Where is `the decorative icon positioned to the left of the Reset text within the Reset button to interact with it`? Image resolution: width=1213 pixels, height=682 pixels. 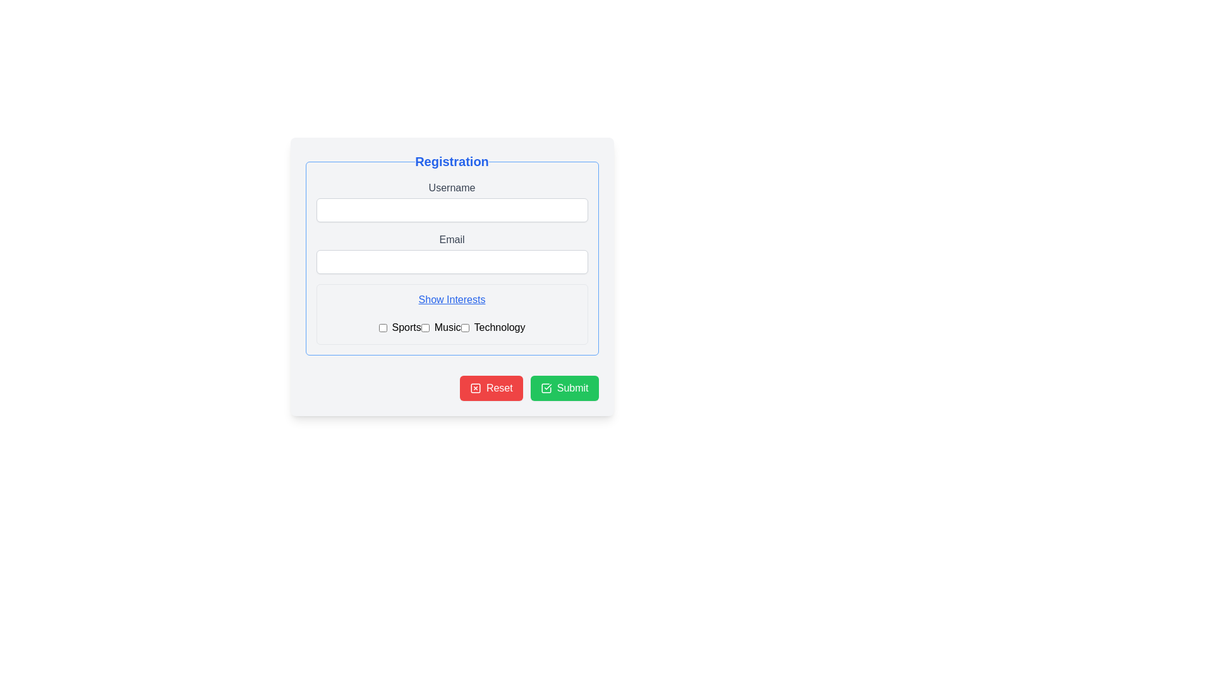 the decorative icon positioned to the left of the Reset text within the Reset button to interact with it is located at coordinates (474, 387).